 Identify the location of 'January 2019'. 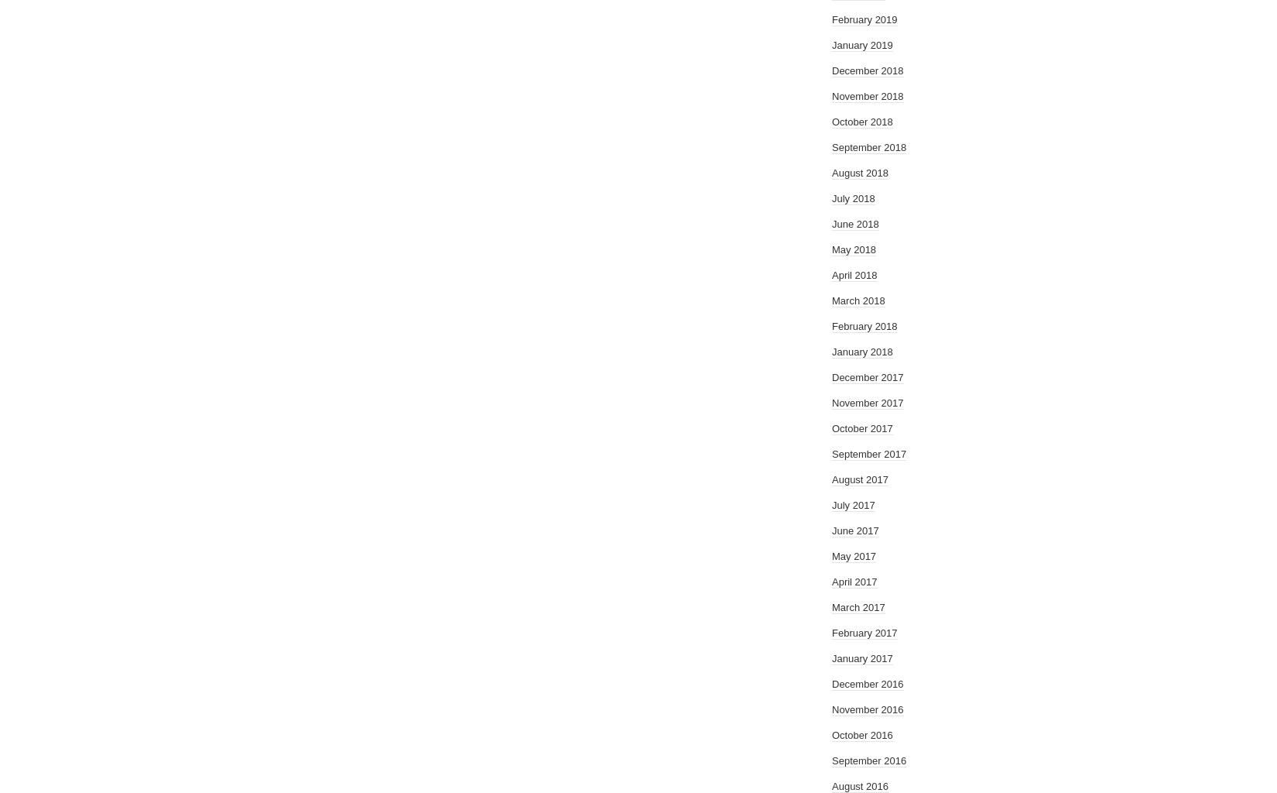
(862, 44).